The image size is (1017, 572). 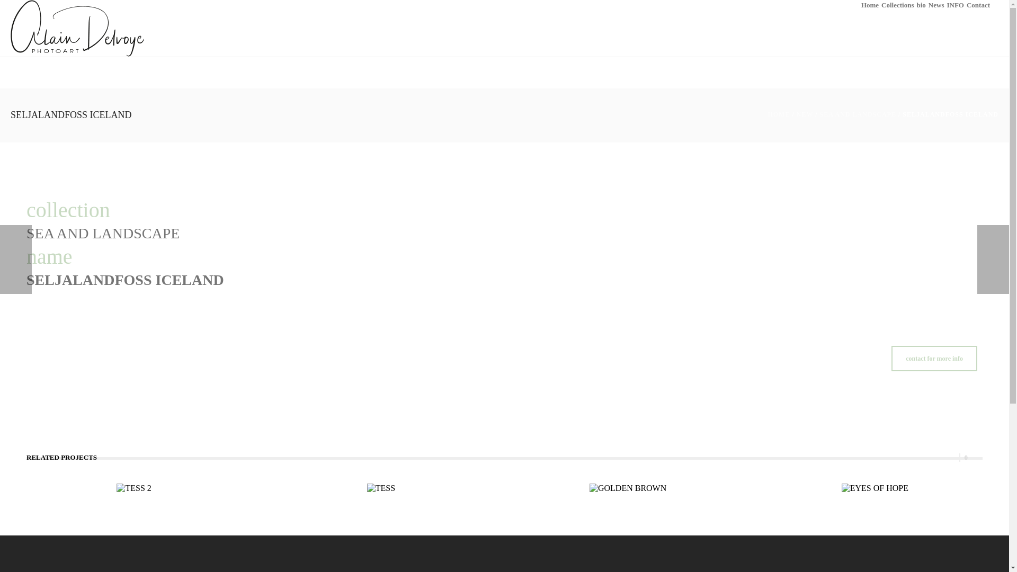 I want to click on 'INFO', so click(x=955, y=5).